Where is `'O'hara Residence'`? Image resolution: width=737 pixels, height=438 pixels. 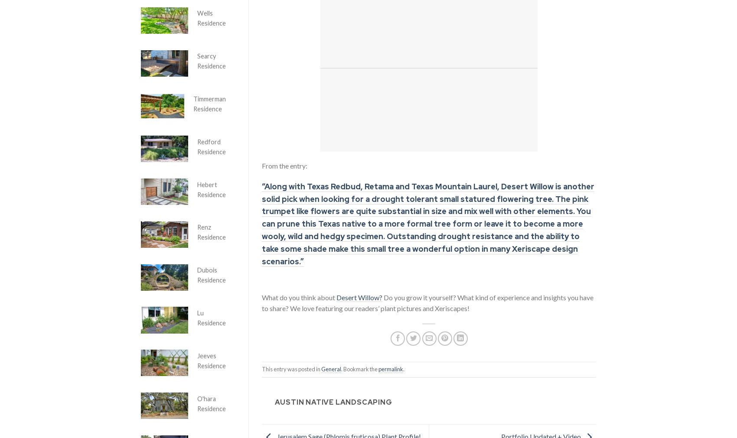
'O'hara Residence' is located at coordinates (197, 403).